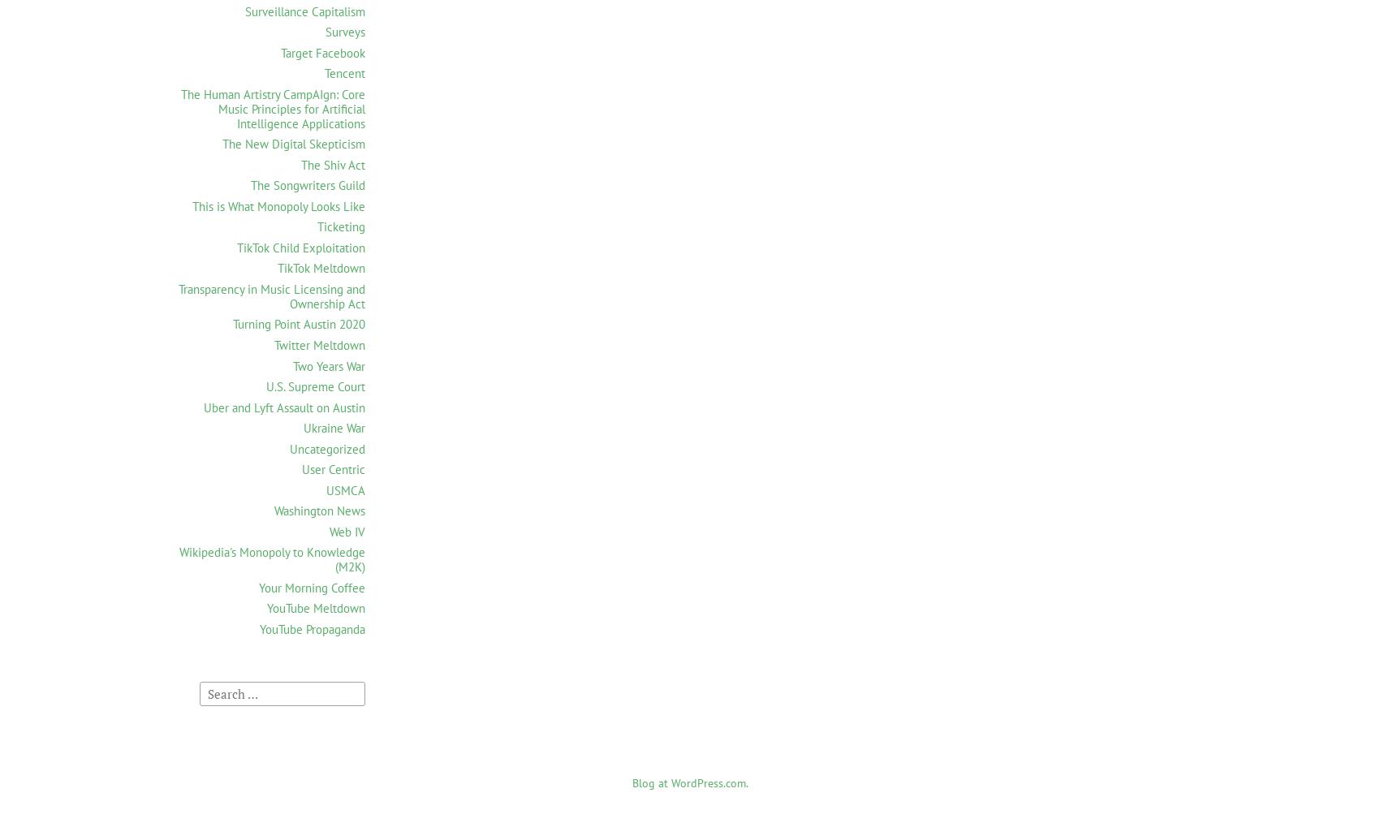 The height and width of the screenshot is (823, 1380). I want to click on 'Twitter Meltdown', so click(319, 344).